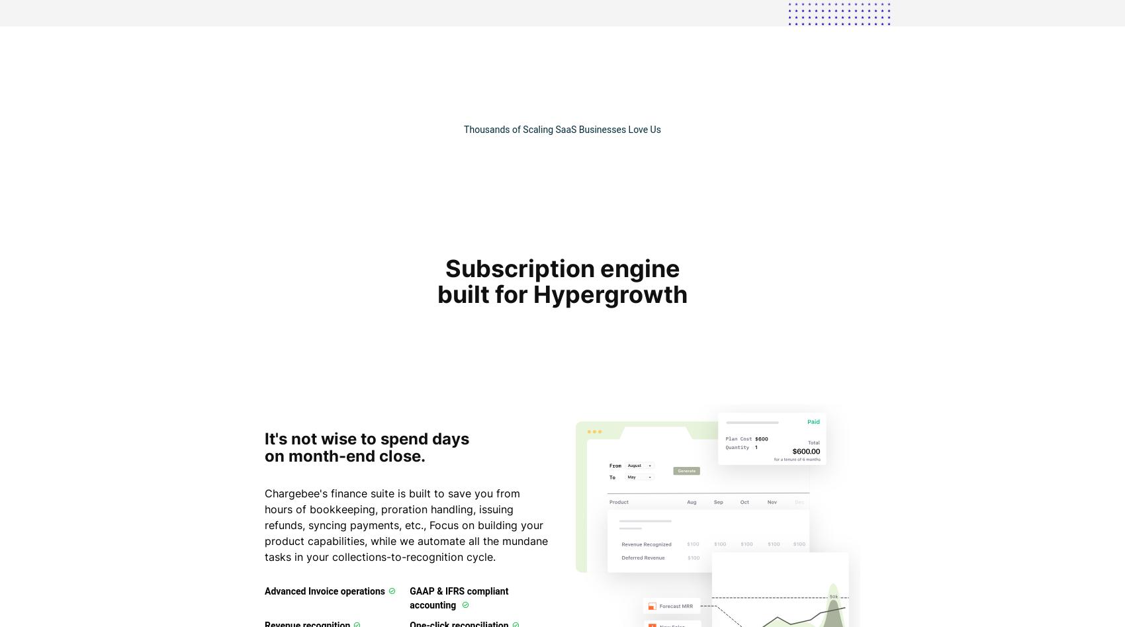 The width and height of the screenshot is (1125, 627). Describe the element at coordinates (334, 463) in the screenshot. I see `'Previous'` at that location.